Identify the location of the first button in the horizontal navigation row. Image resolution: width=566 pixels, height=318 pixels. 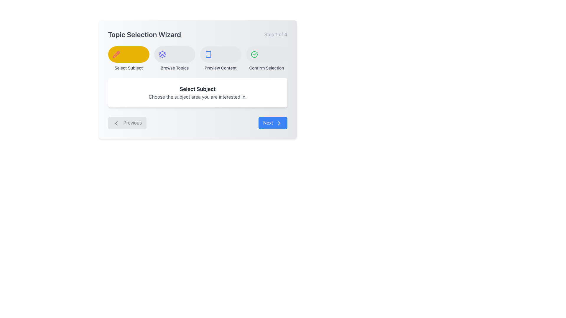
(128, 59).